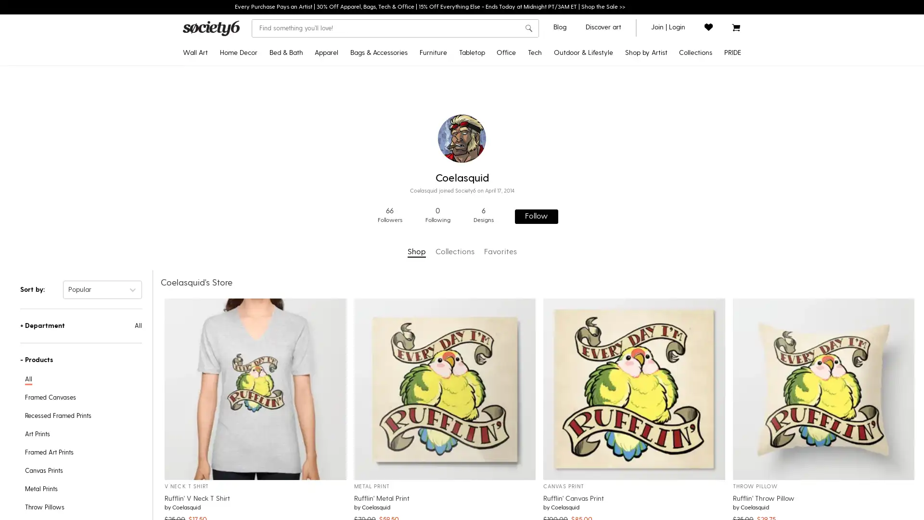 Image resolution: width=924 pixels, height=520 pixels. I want to click on Stationery Cards, so click(530, 201).